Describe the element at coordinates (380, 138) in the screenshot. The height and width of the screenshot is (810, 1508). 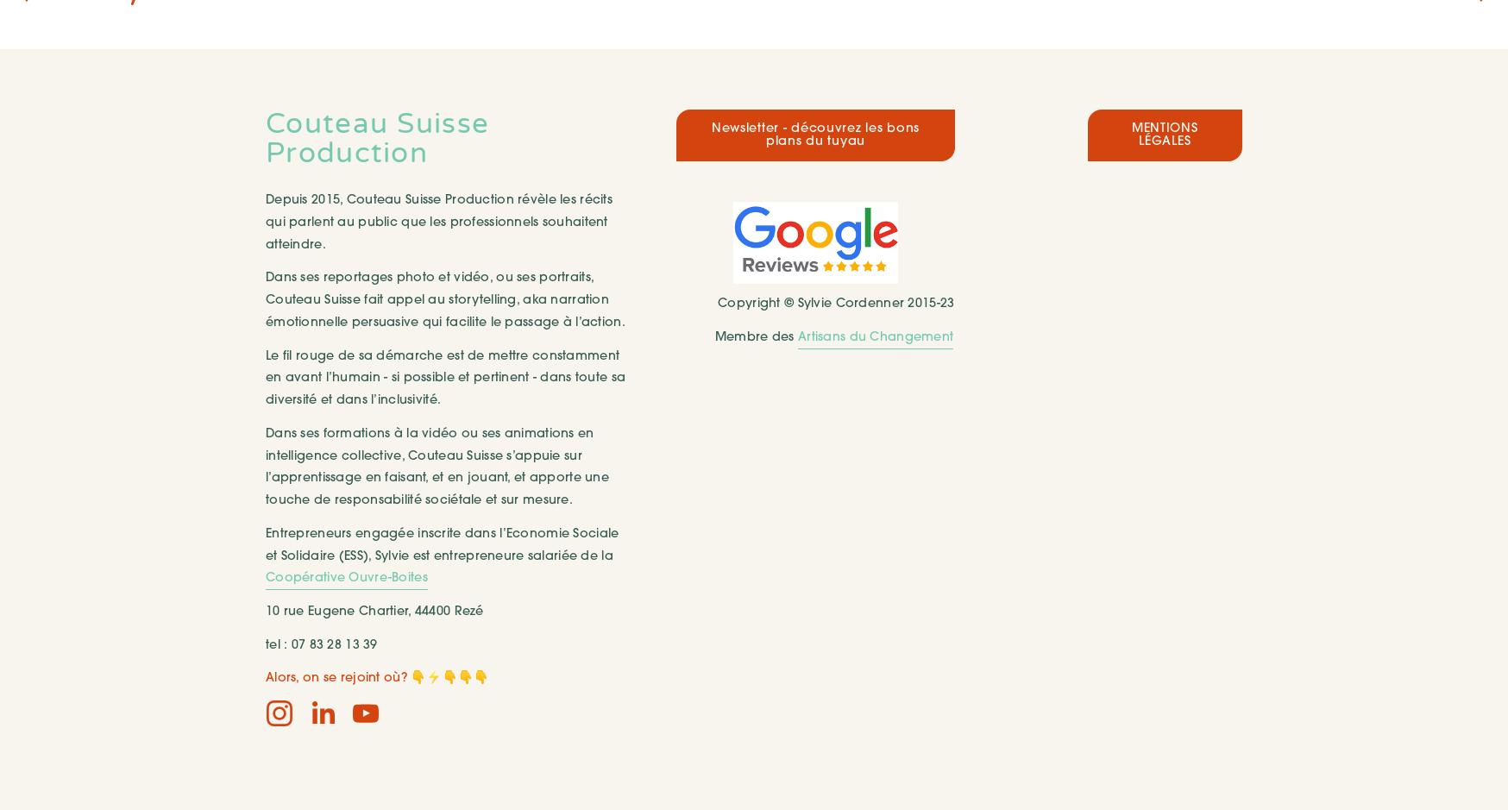
I see `'Couteau Suisse Production'` at that location.